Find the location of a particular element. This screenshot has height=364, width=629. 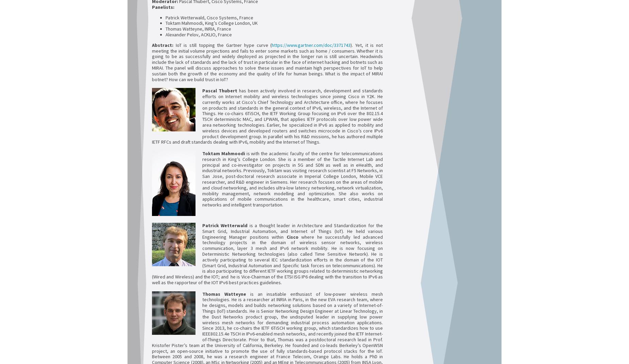

'Thomas Watteyne' is located at coordinates (224, 293).